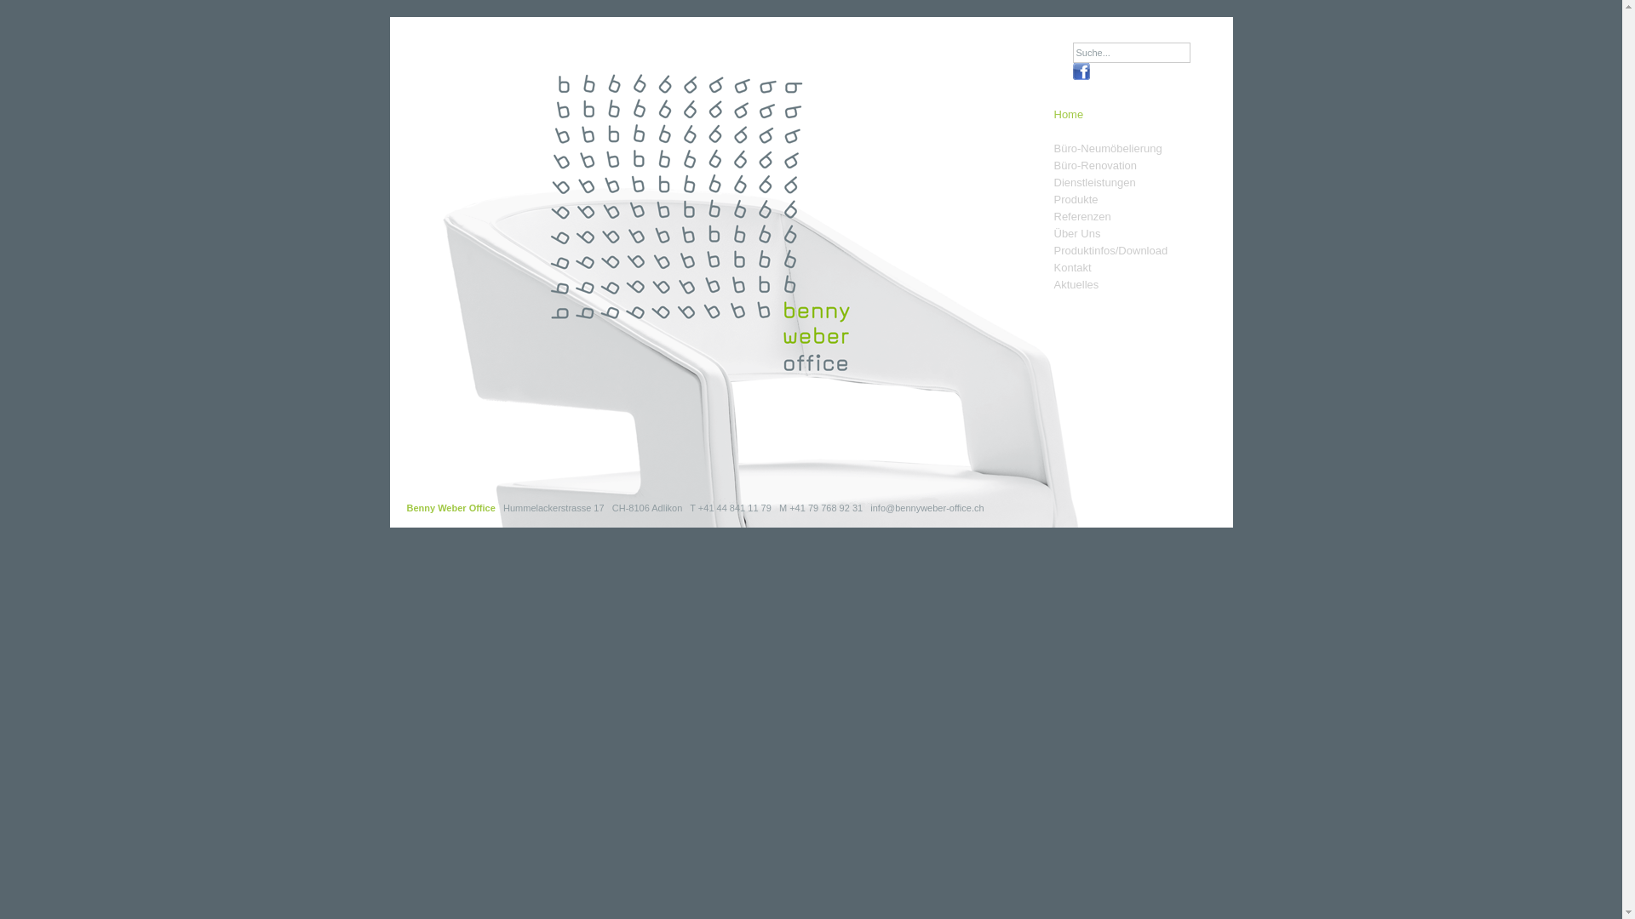 This screenshot has width=1635, height=919. I want to click on 'Referenzen', so click(1081, 215).